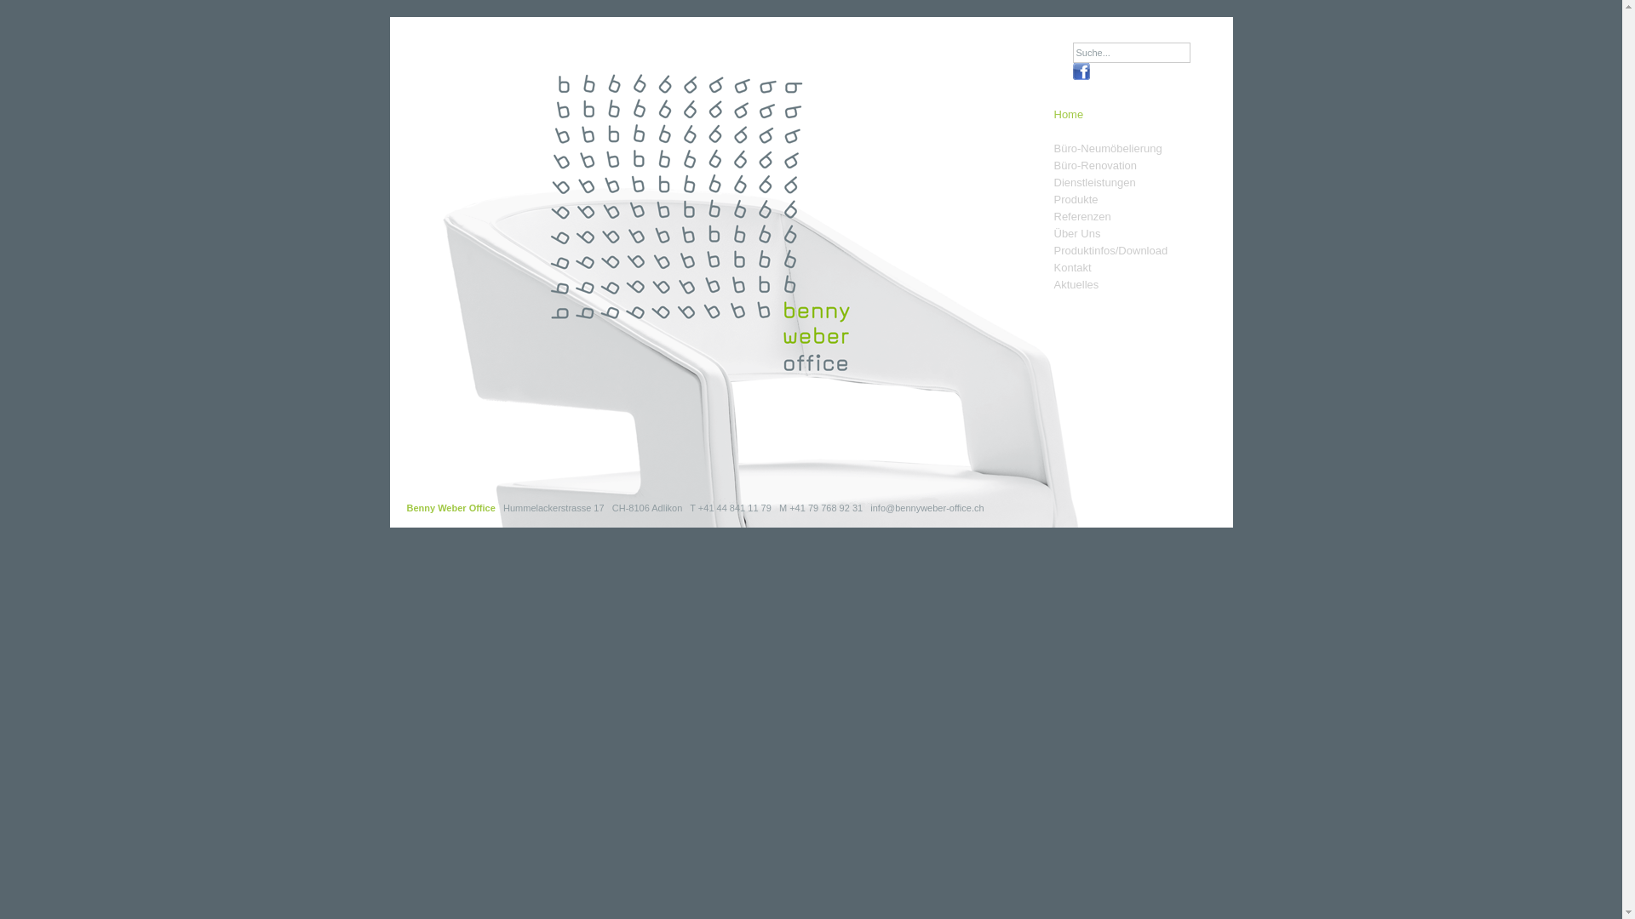 This screenshot has width=1635, height=919. I want to click on 'Referenzen', so click(1081, 215).